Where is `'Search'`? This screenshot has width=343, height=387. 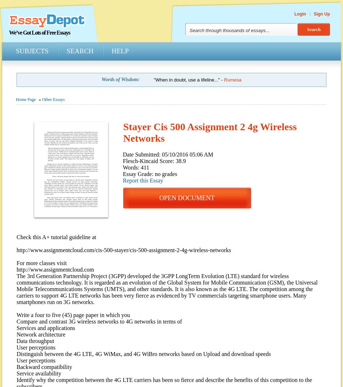
'Search' is located at coordinates (80, 50).